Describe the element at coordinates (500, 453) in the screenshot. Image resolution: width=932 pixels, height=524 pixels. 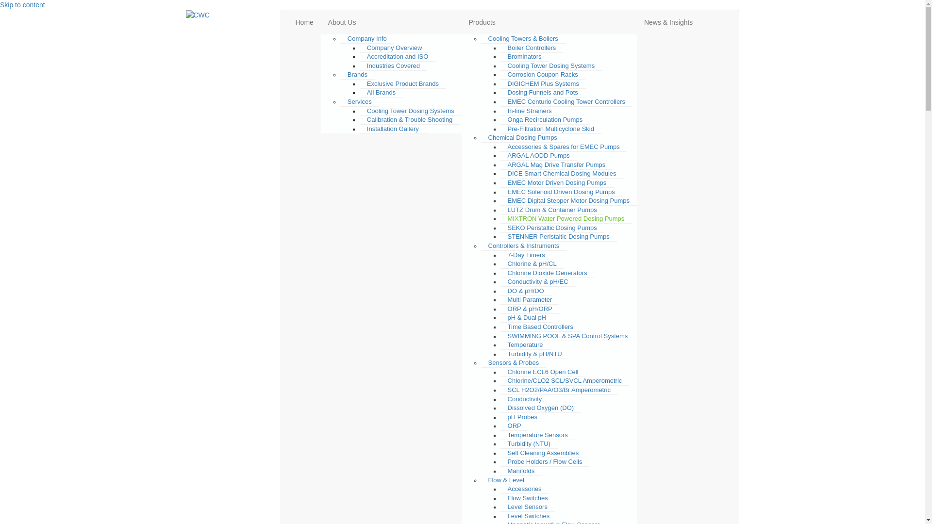
I see `'Self Cleaning Assemblies'` at that location.